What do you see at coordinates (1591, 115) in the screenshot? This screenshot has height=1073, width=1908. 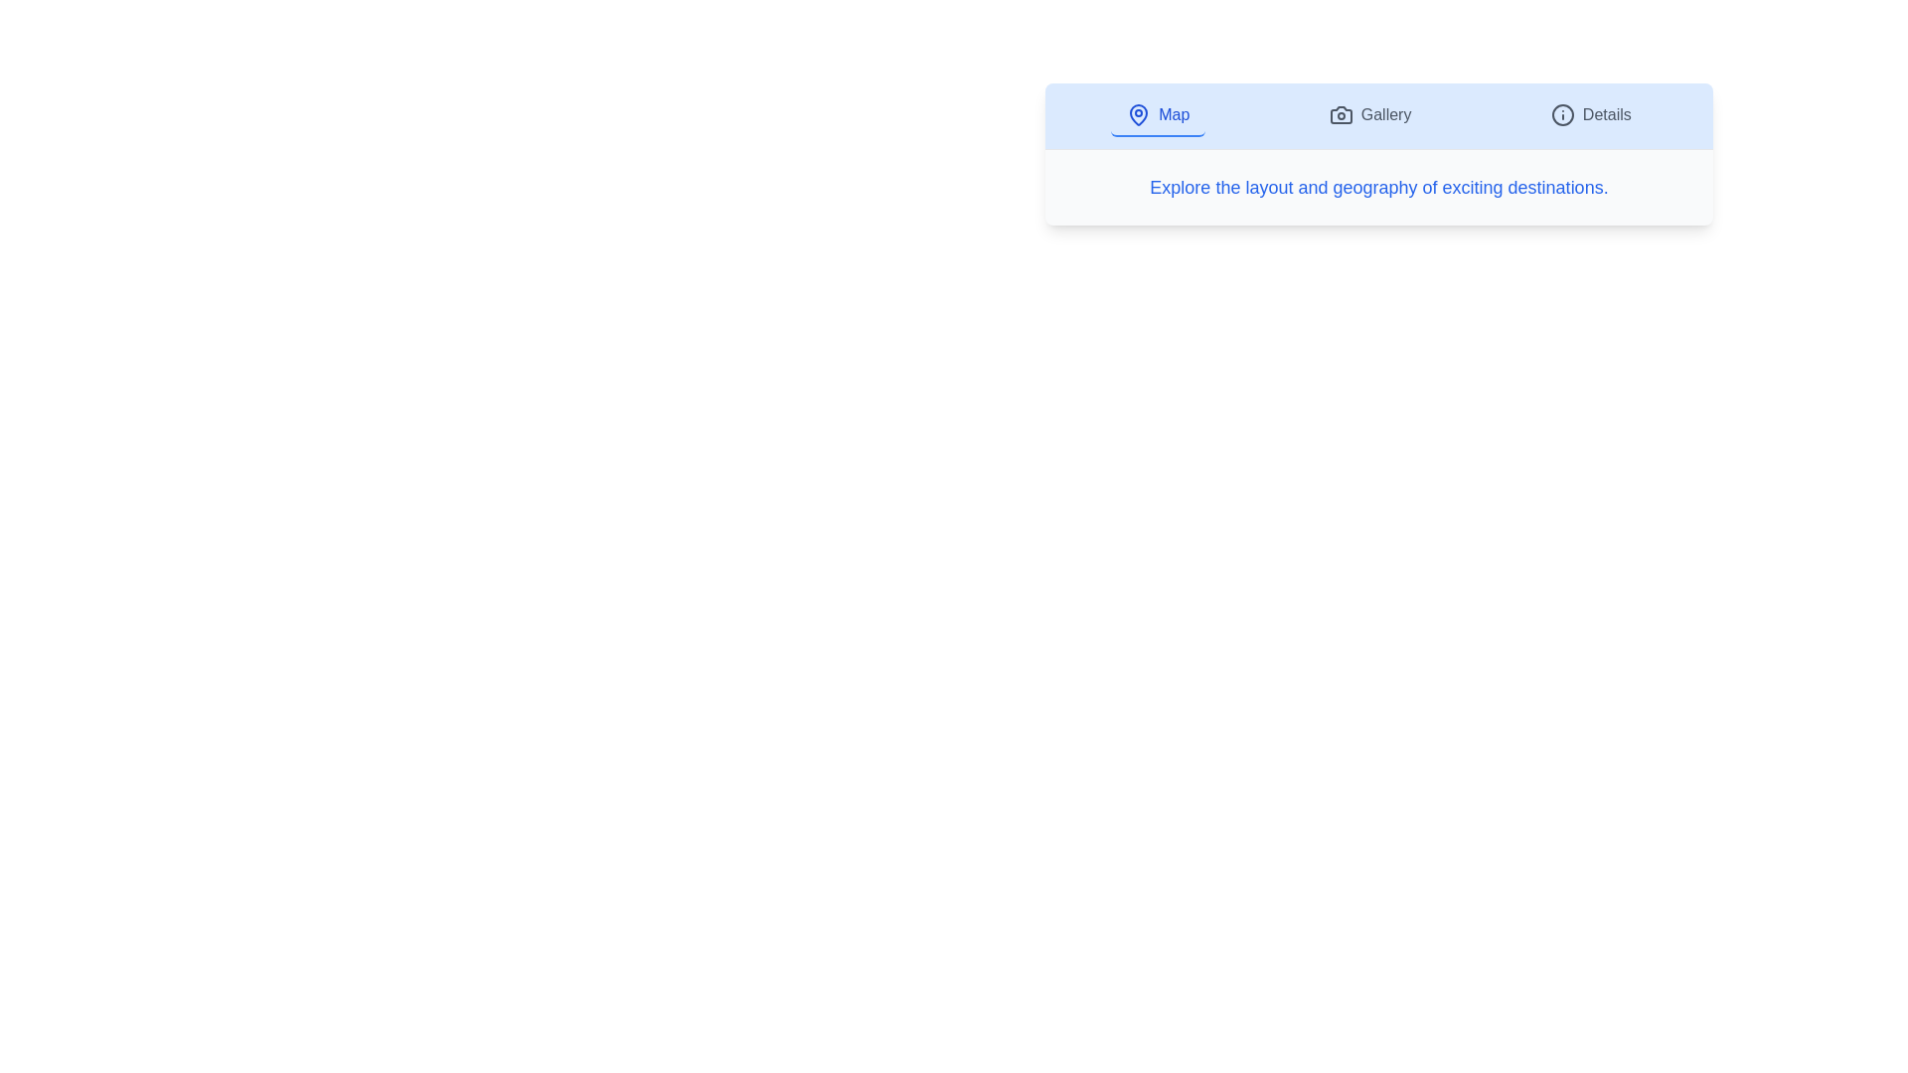 I see `the Details tab` at bounding box center [1591, 115].